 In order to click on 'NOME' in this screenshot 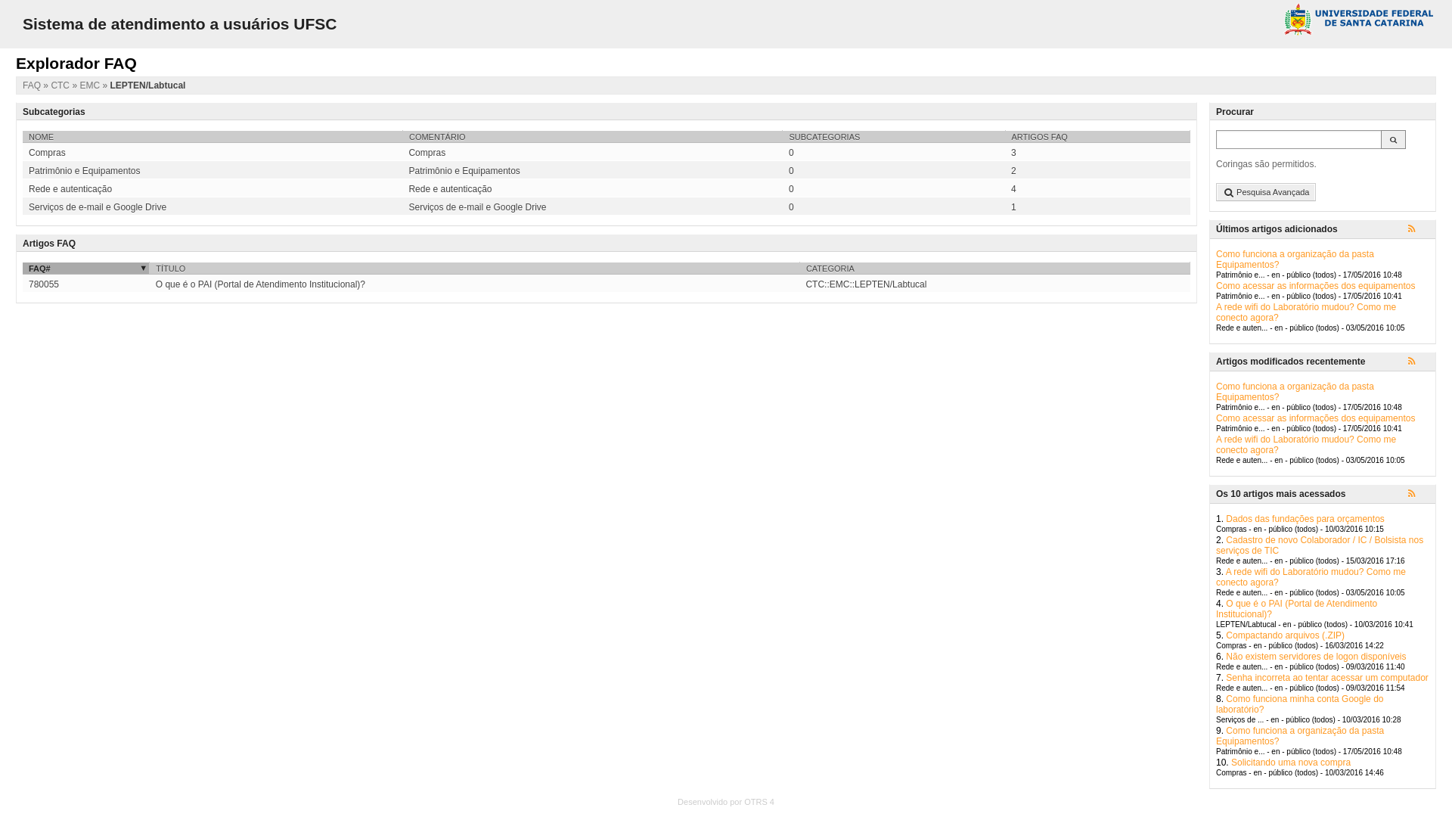, I will do `click(212, 136)`.